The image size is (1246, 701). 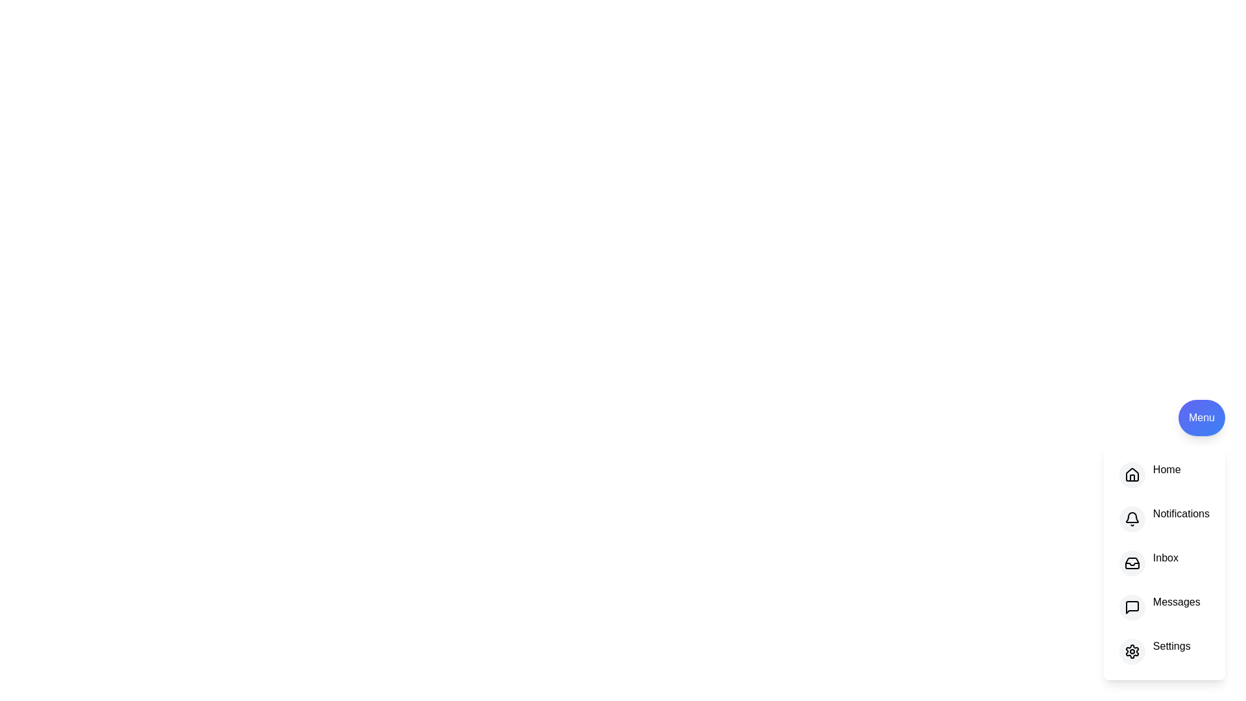 What do you see at coordinates (1164, 562) in the screenshot?
I see `the option Inbox in the menu to see the hover effect` at bounding box center [1164, 562].